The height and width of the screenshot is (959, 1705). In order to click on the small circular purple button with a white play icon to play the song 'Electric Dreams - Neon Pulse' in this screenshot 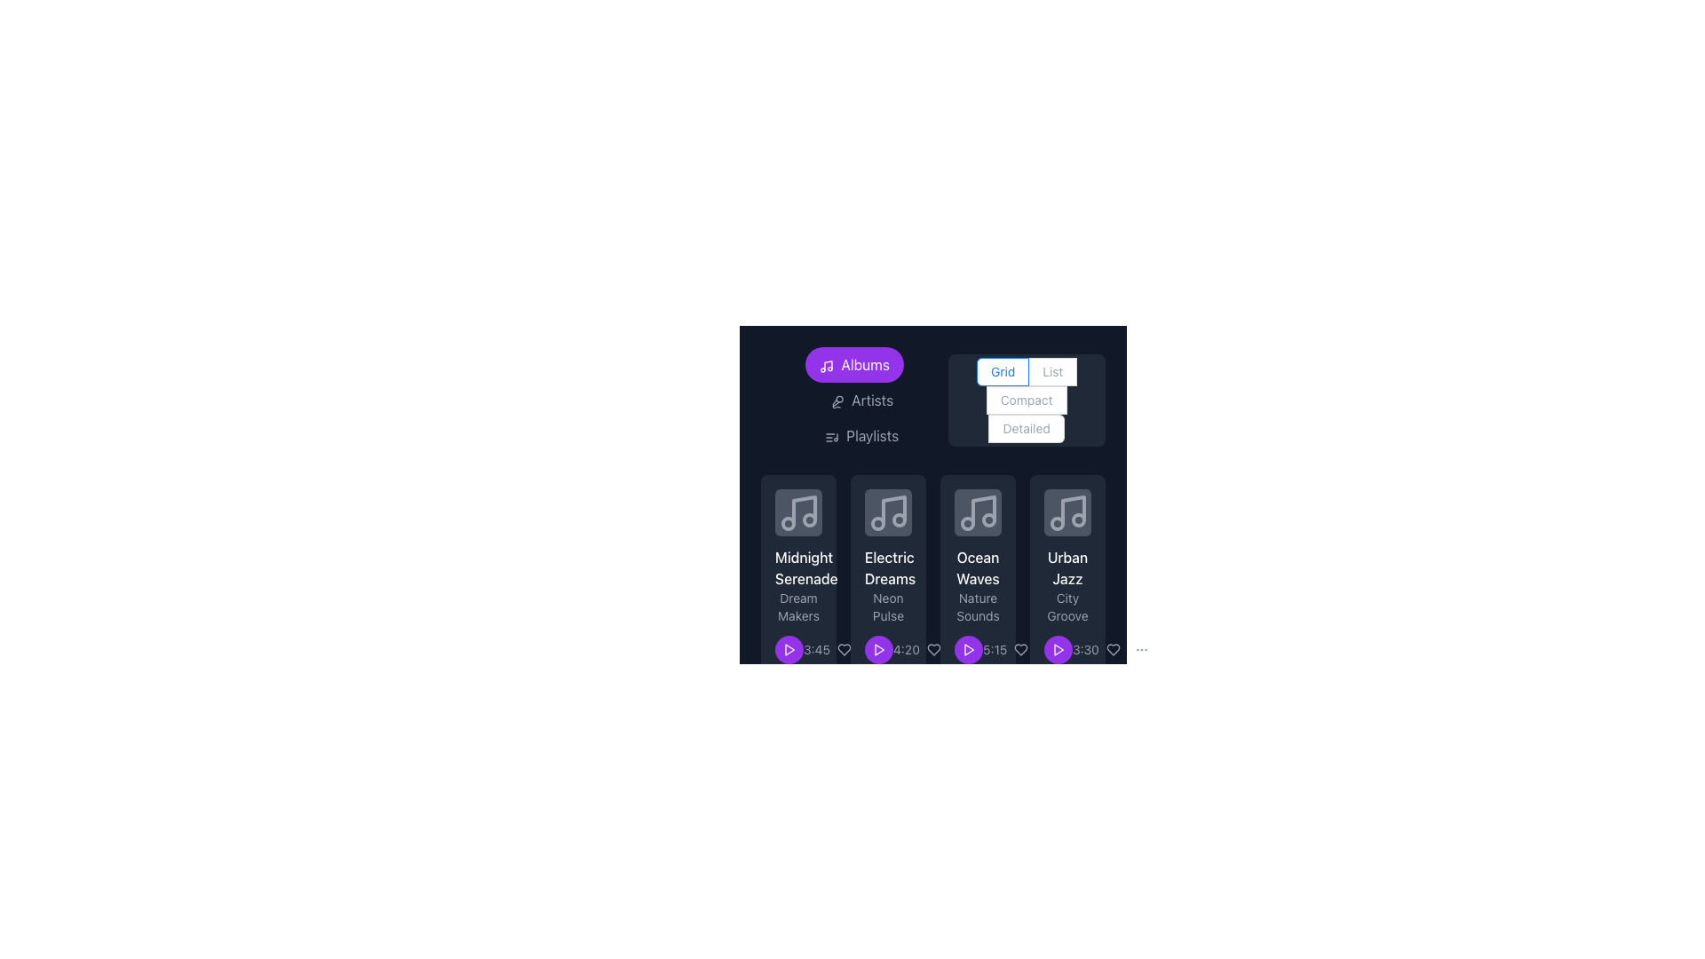, I will do `click(878, 650)`.